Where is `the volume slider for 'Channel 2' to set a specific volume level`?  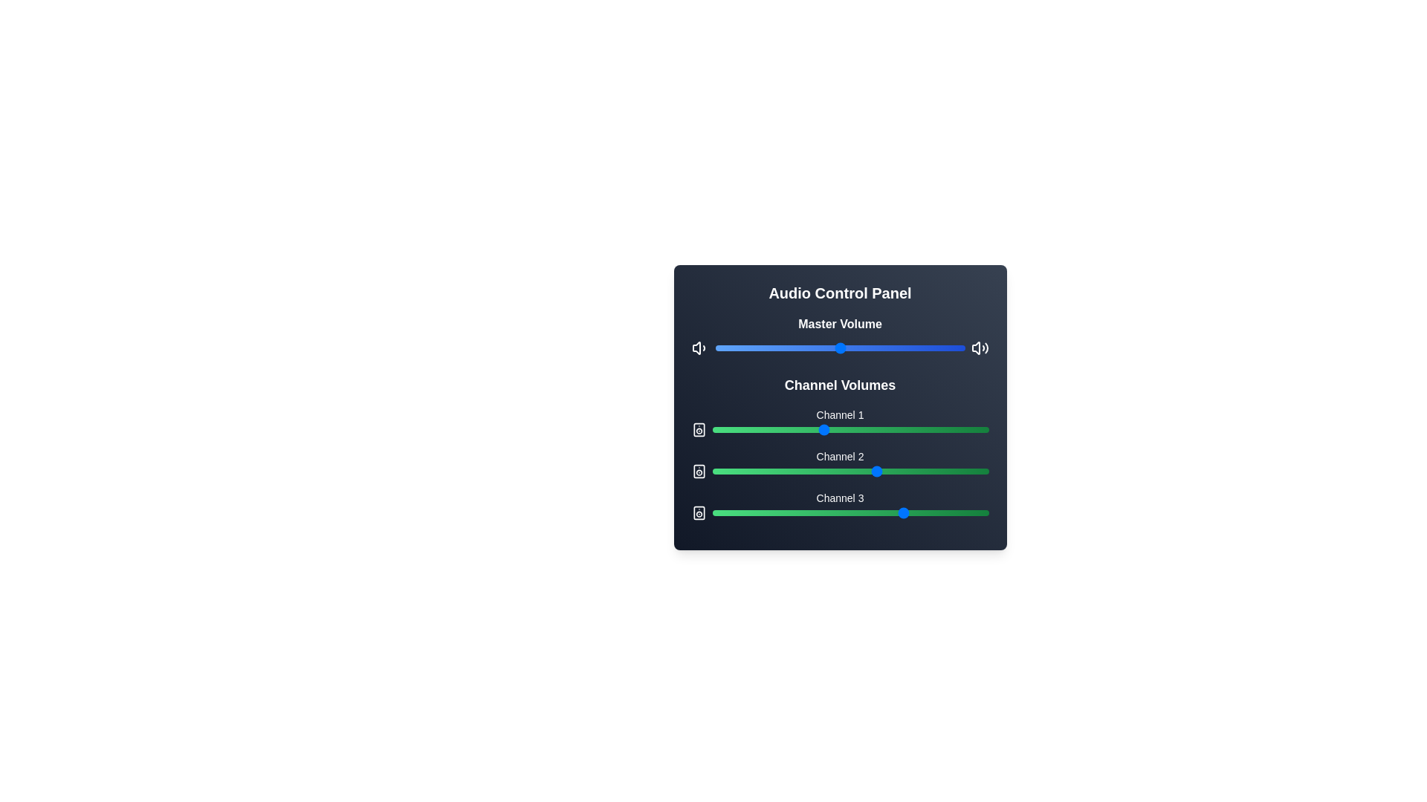
the volume slider for 'Channel 2' to set a specific volume level is located at coordinates (840, 463).